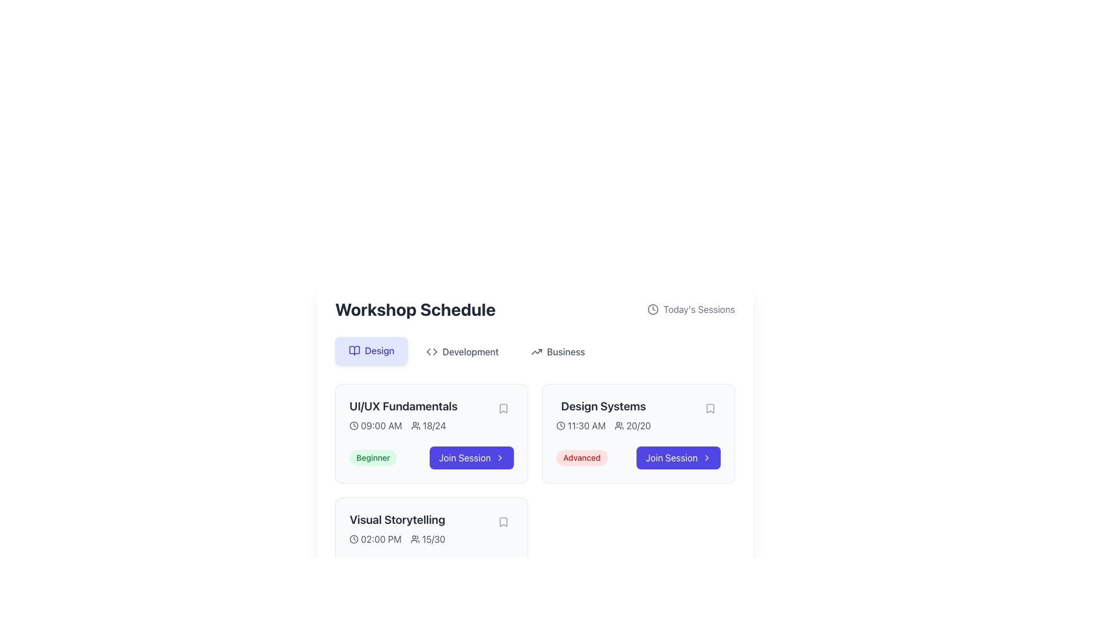 Image resolution: width=1100 pixels, height=619 pixels. What do you see at coordinates (536, 351) in the screenshot?
I see `the upward trend arrow icon located in the 'Business' tab, positioned to the left of the text 'Business'` at bounding box center [536, 351].